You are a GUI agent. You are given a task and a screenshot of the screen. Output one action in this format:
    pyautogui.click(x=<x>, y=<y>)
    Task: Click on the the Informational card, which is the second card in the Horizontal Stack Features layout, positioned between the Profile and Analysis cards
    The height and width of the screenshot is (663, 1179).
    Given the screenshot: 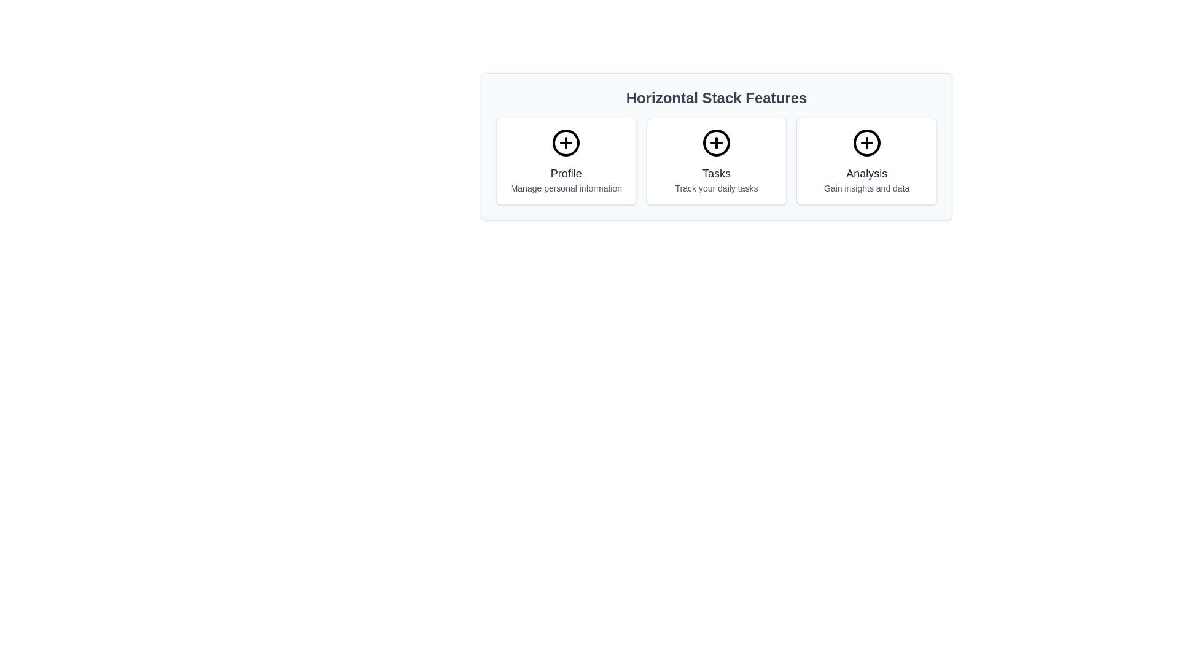 What is the action you would take?
    pyautogui.click(x=716, y=160)
    